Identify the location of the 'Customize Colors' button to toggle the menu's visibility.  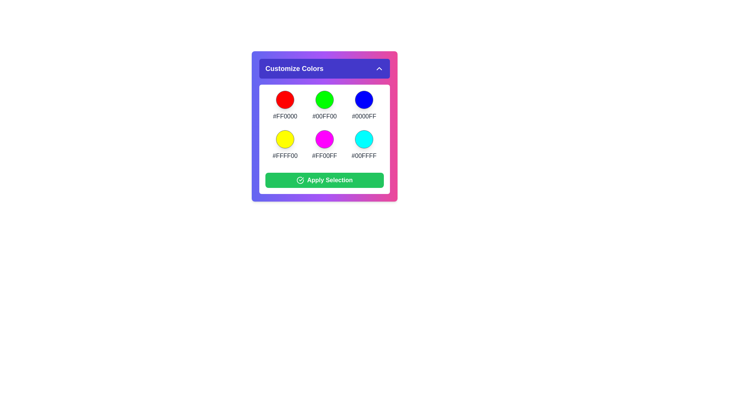
(324, 69).